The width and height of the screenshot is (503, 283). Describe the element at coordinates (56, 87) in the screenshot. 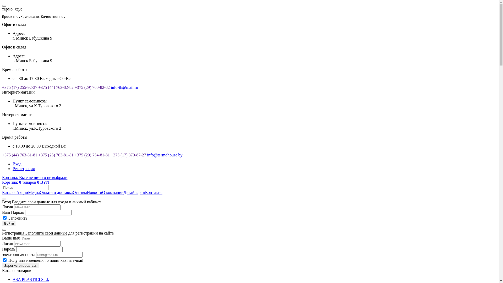

I see `'+375 (44) 763-82-82'` at that location.